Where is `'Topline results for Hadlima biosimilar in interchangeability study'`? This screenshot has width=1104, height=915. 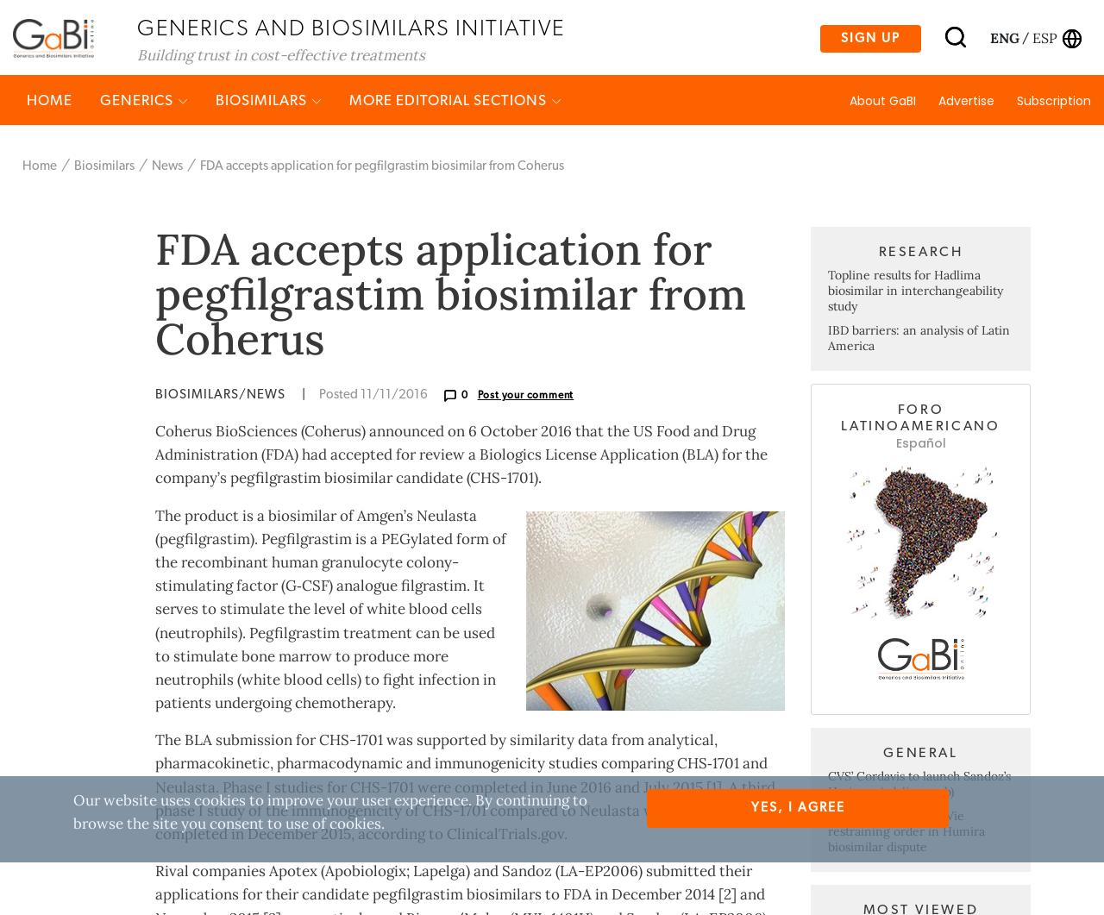
'Topline results for Hadlima biosimilar in interchangeability study' is located at coordinates (914, 357).